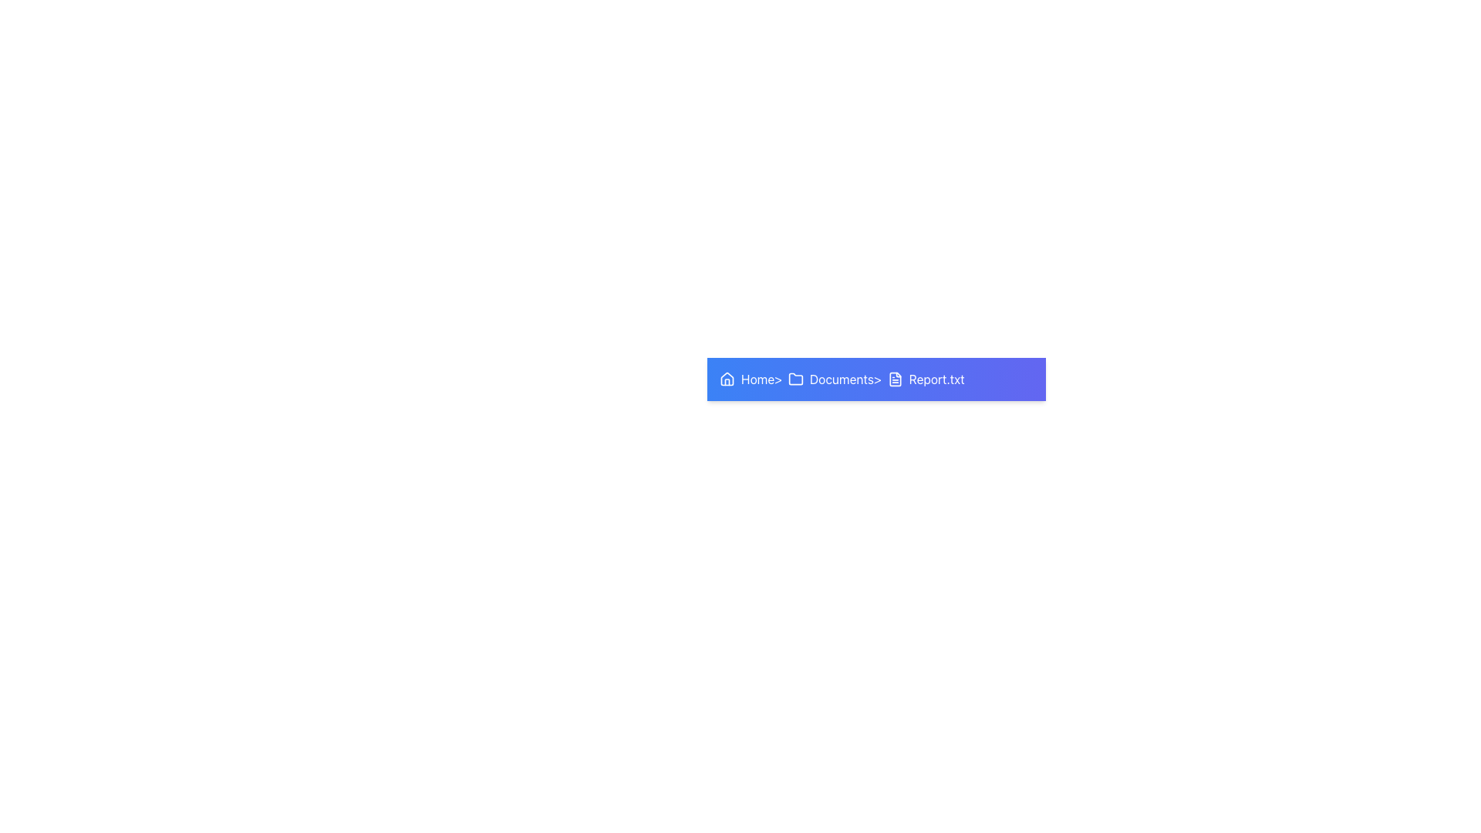 This screenshot has width=1481, height=833. What do you see at coordinates (757, 379) in the screenshot?
I see `the text label 'Home' which is styled in a sans-serif font and appears in white against a blue background, located in the horizontal navigation bar, adjacent to a house icon` at bounding box center [757, 379].